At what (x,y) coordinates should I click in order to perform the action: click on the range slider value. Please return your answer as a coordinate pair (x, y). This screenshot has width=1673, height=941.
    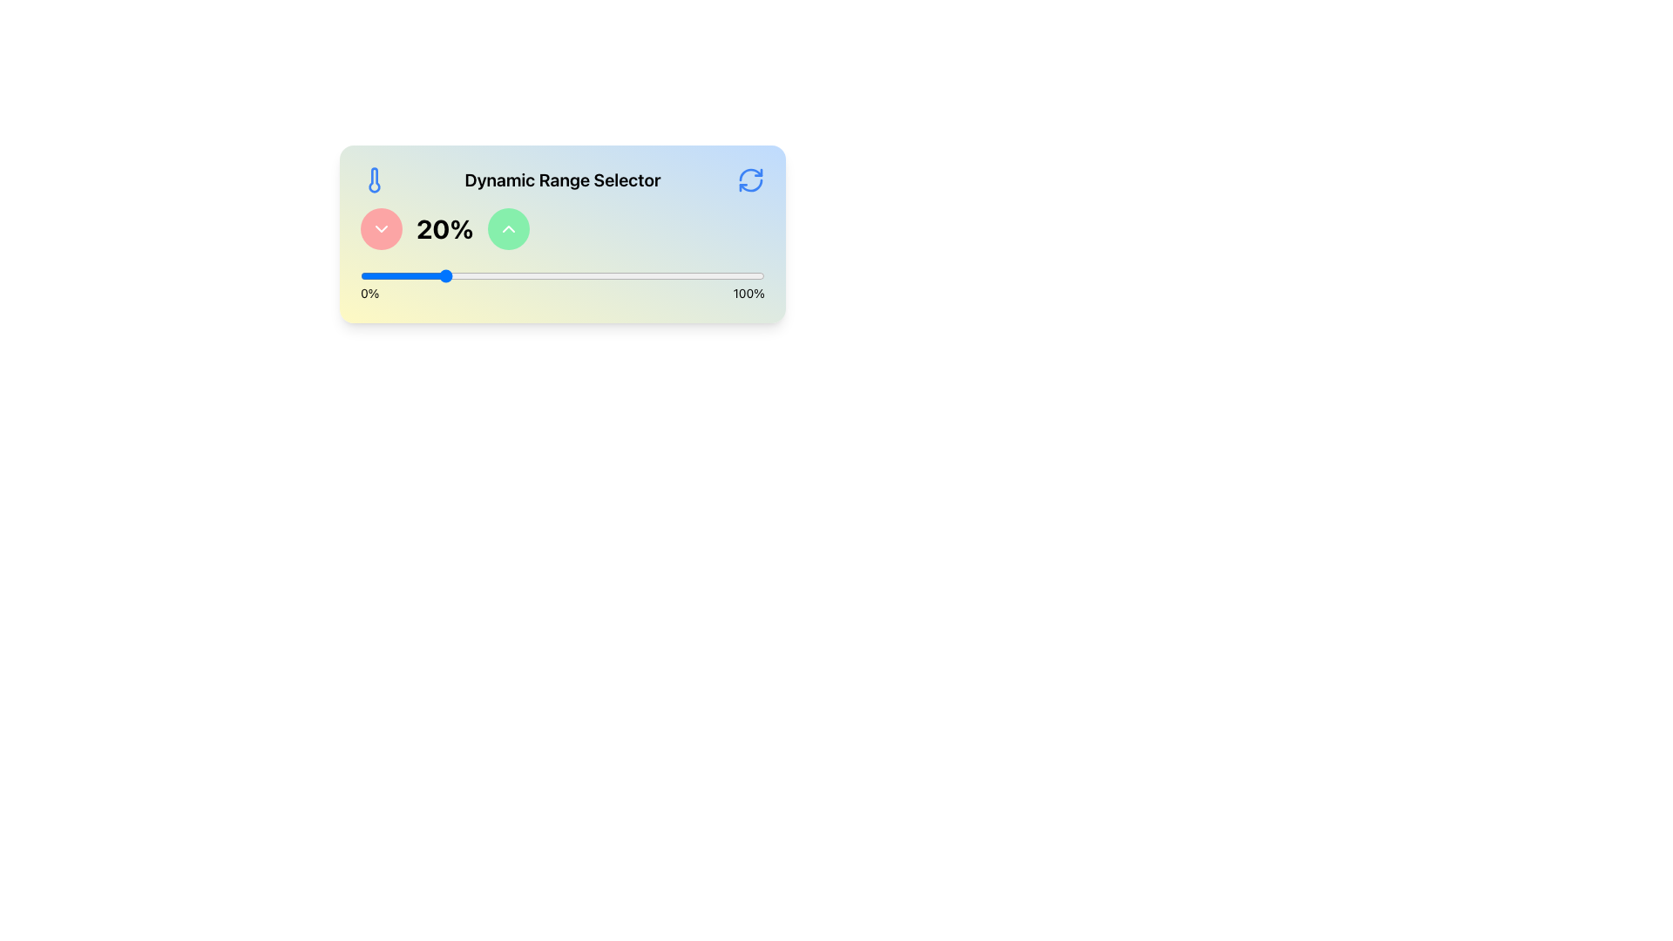
    Looking at the image, I should click on (647, 274).